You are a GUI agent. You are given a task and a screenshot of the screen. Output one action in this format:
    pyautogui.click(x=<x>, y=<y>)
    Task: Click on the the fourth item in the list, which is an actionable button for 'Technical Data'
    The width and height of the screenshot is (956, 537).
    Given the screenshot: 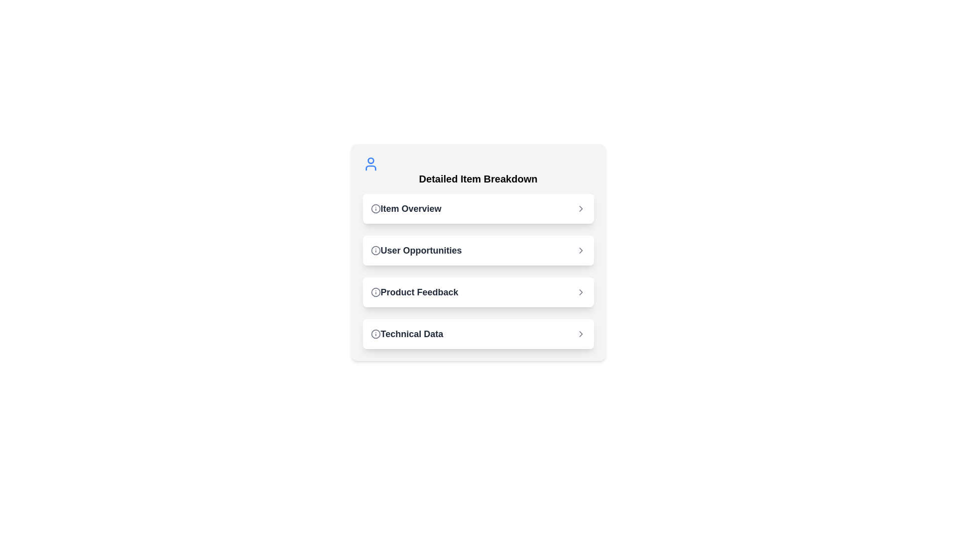 What is the action you would take?
    pyautogui.click(x=478, y=334)
    